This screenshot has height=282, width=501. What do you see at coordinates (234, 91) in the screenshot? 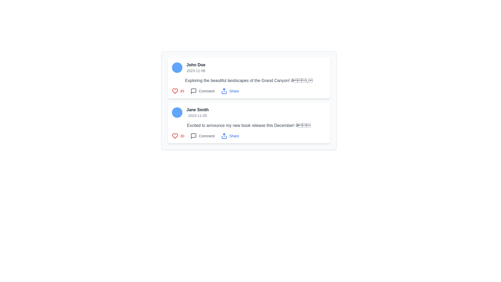
I see `the static text label for the sharing functionality, located at the right end of the action bar, second item to the right after the share symbol icon` at bounding box center [234, 91].